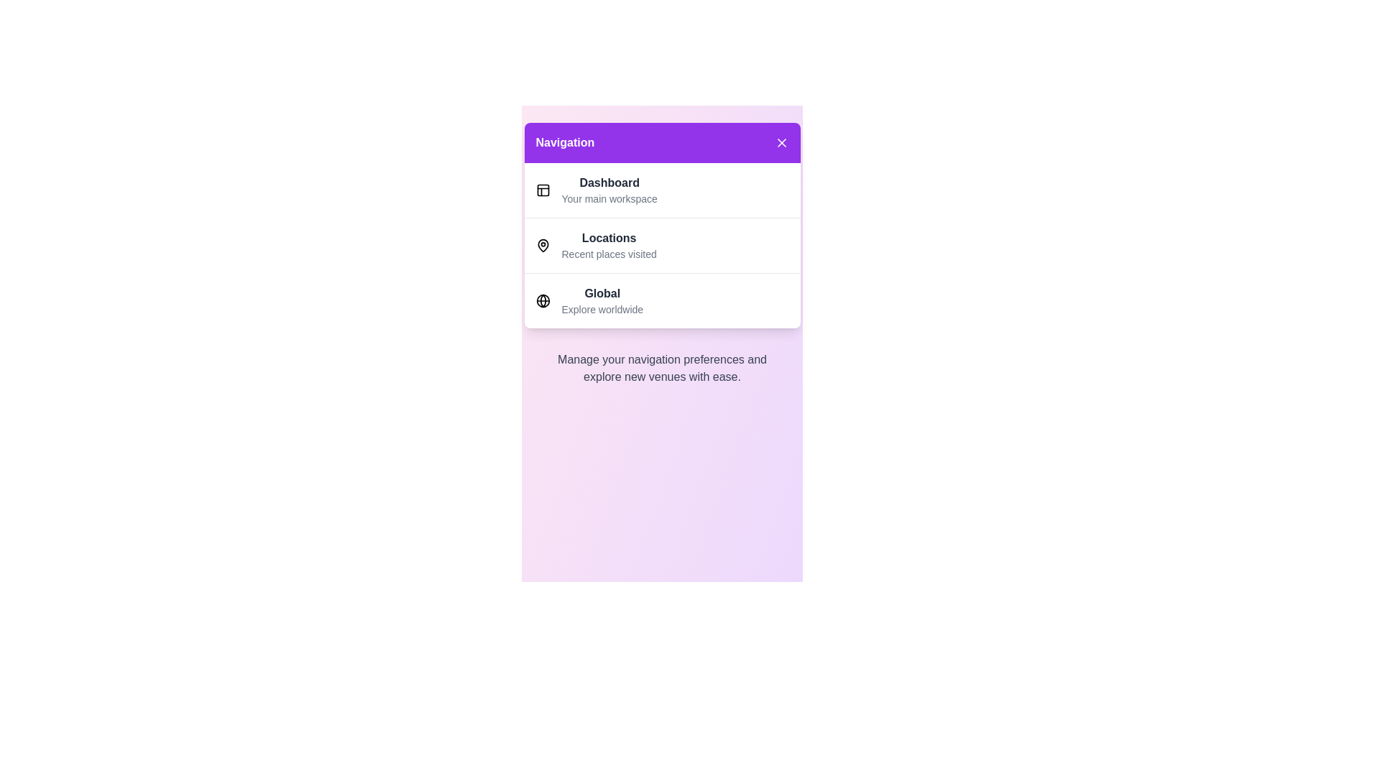 This screenshot has height=776, width=1380. Describe the element at coordinates (781, 143) in the screenshot. I see `the 'X' button to close the menu` at that location.